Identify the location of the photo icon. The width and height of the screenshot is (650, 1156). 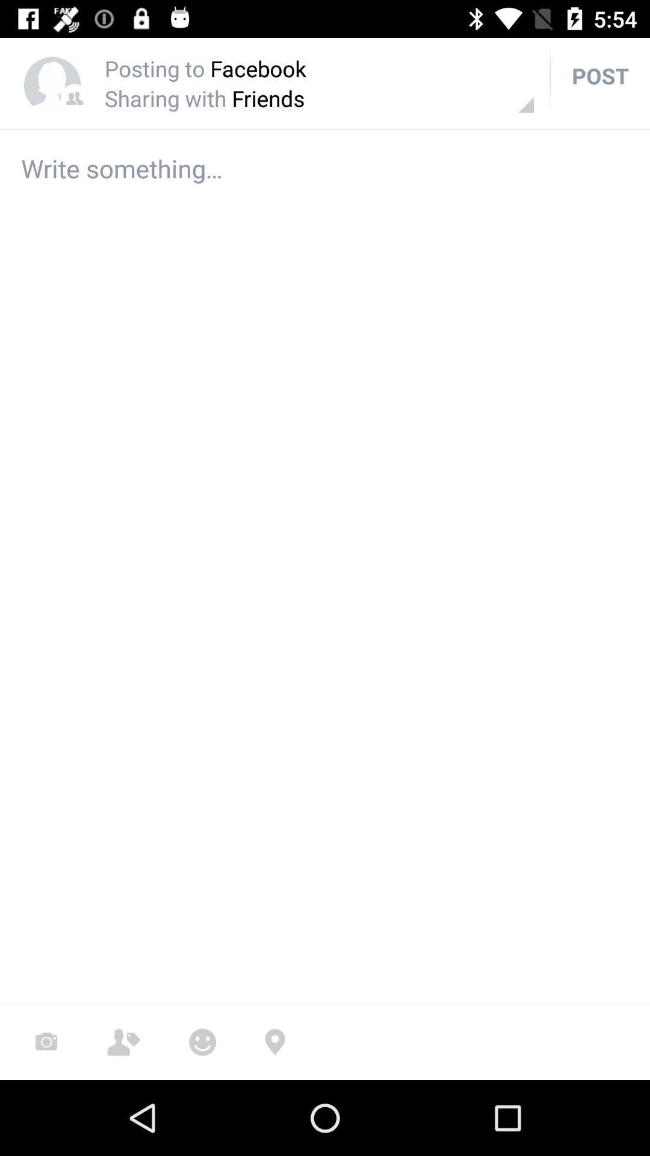
(46, 1042).